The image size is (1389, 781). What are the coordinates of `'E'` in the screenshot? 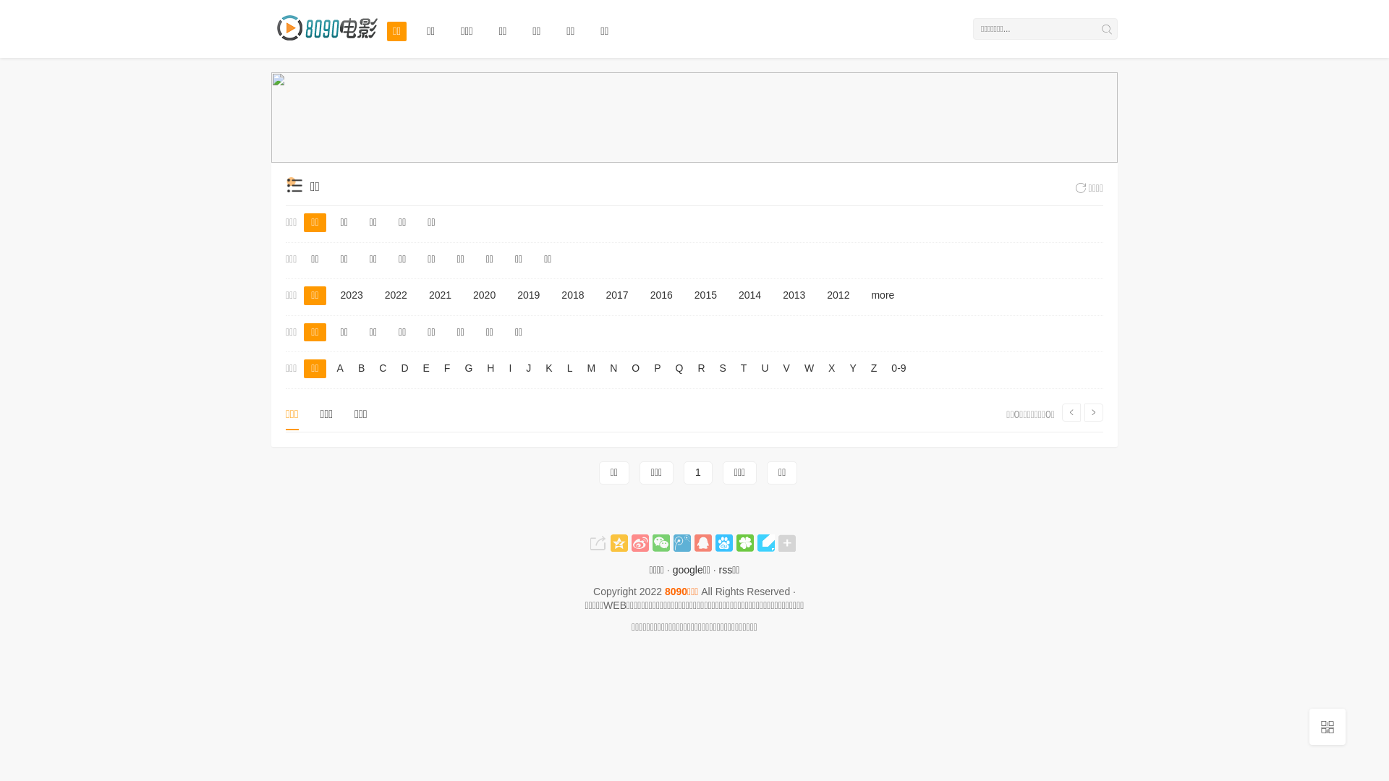 It's located at (425, 367).